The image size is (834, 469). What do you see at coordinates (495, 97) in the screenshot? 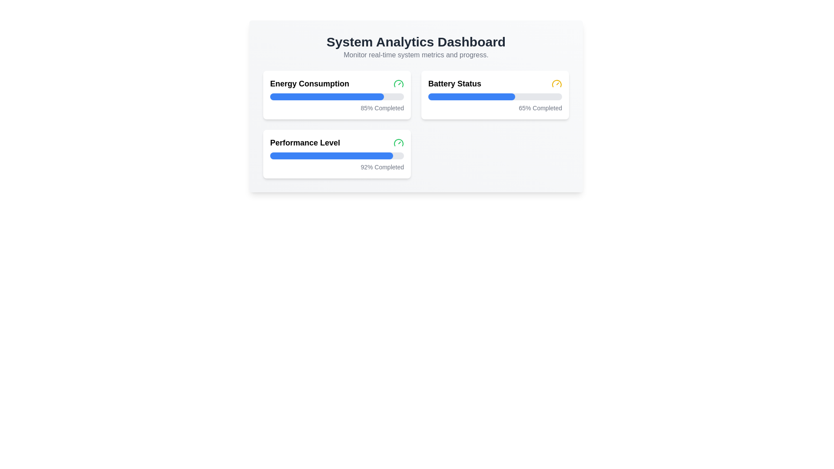
I see `the progress bar that displays the battery status percentage, located within the 'Battery Status' card on the dashboard` at bounding box center [495, 97].